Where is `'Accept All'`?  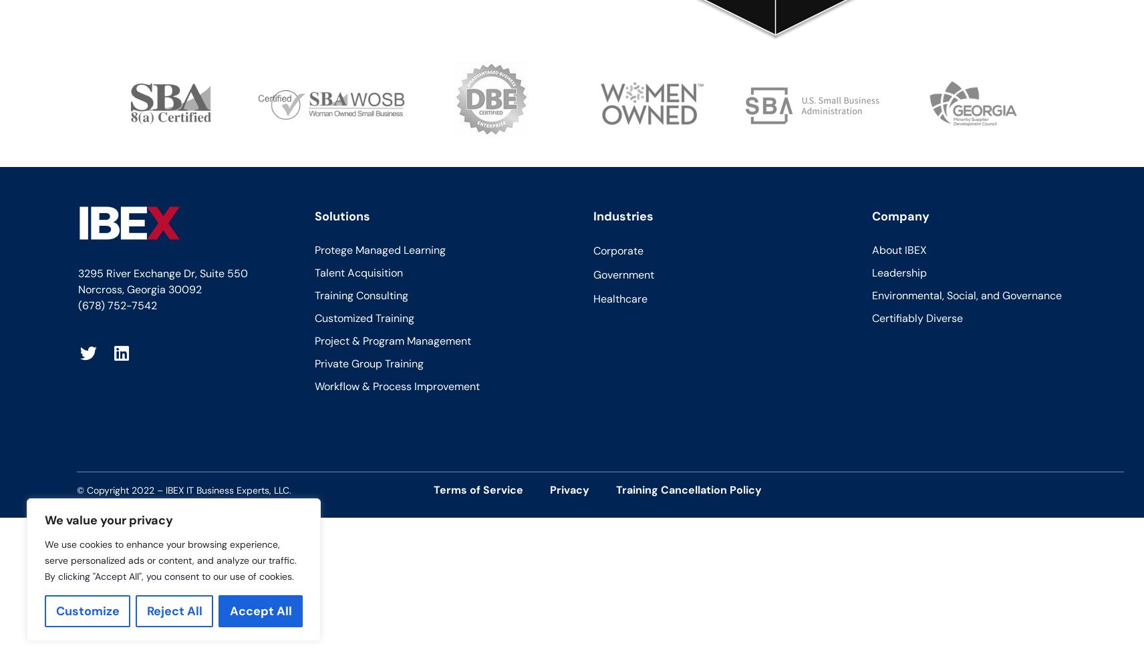 'Accept All' is located at coordinates (260, 611).